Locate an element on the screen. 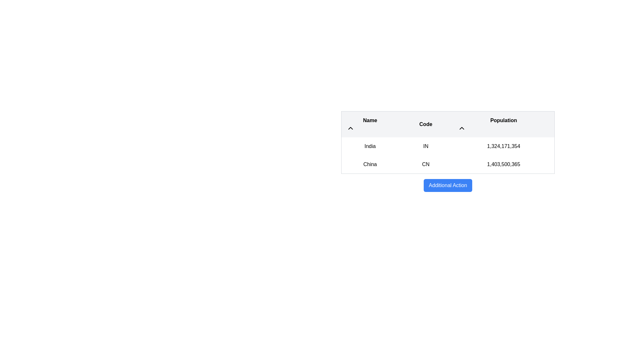 This screenshot has width=621, height=349. text from the data table rows located directly below the header row of the table displaying country names, codes, and population counts is located at coordinates (448, 155).